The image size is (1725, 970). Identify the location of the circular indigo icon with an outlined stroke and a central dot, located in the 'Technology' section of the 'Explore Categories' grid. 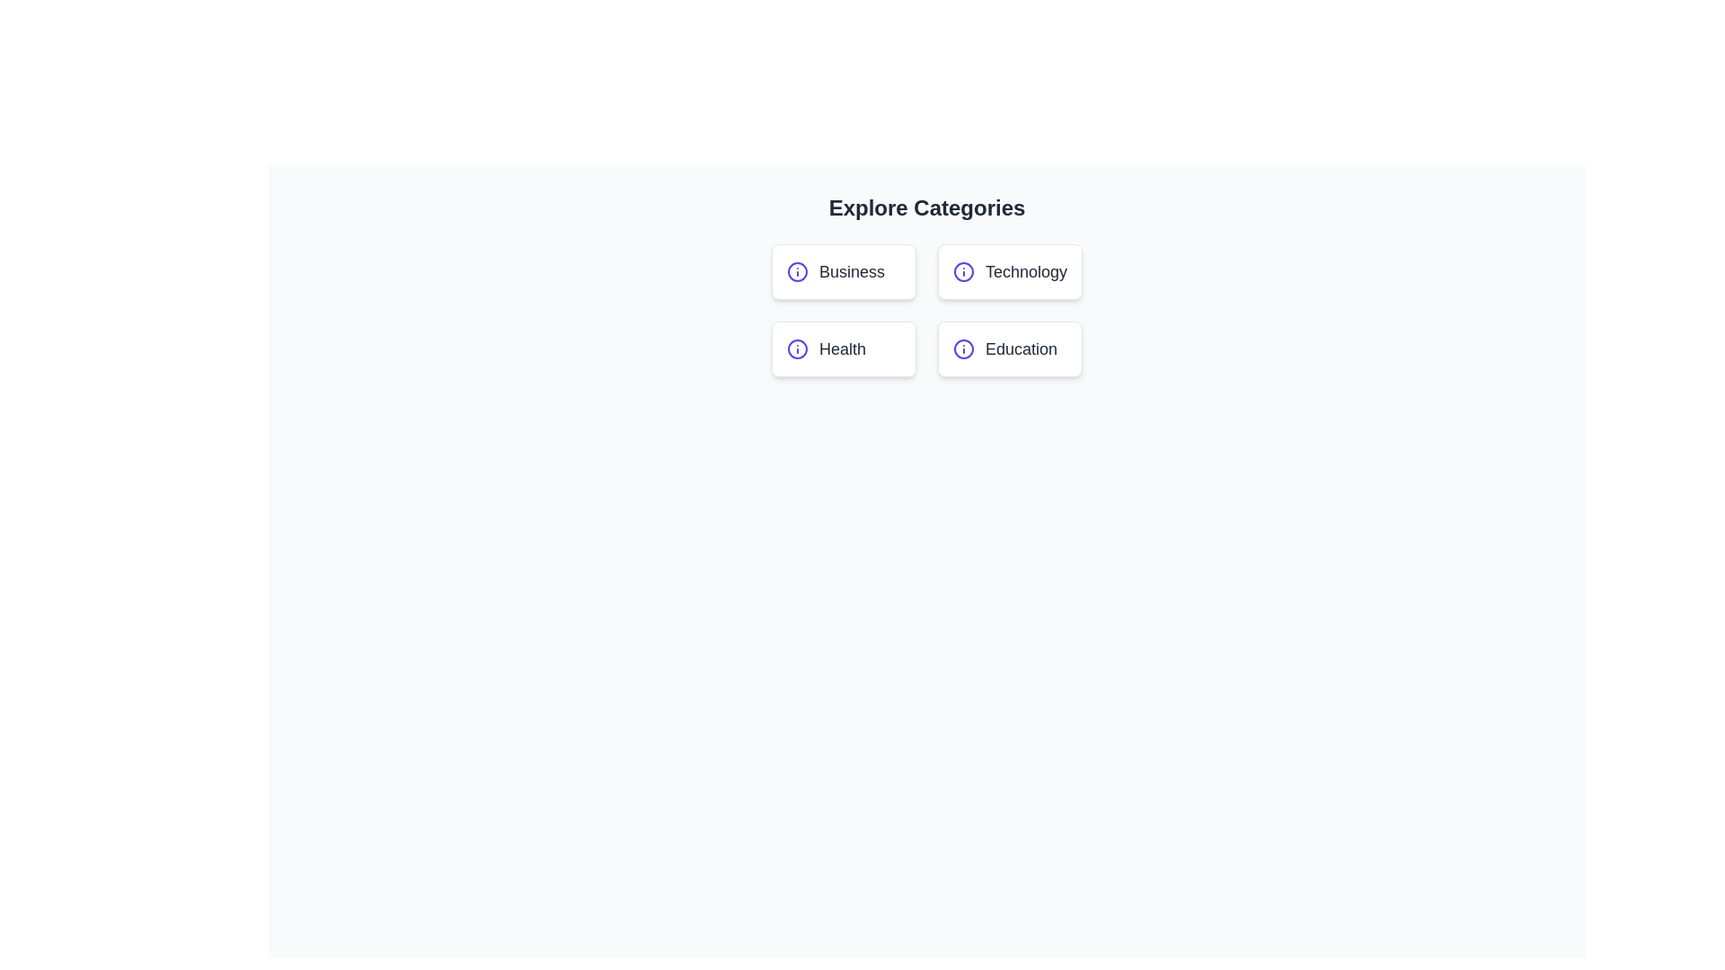
(963, 272).